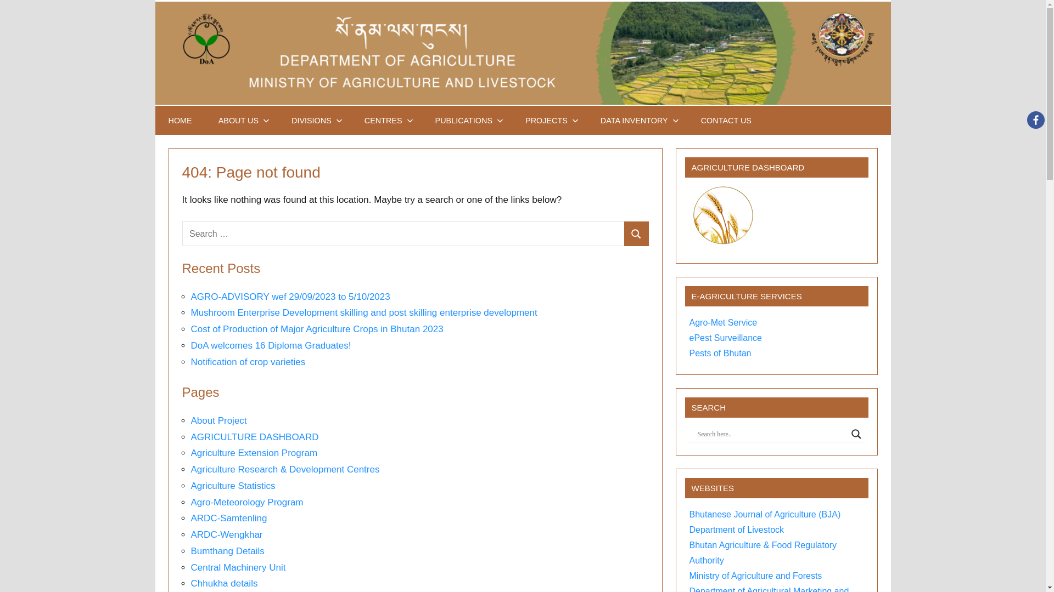  What do you see at coordinates (248, 362) in the screenshot?
I see `'Notification of crop varieties'` at bounding box center [248, 362].